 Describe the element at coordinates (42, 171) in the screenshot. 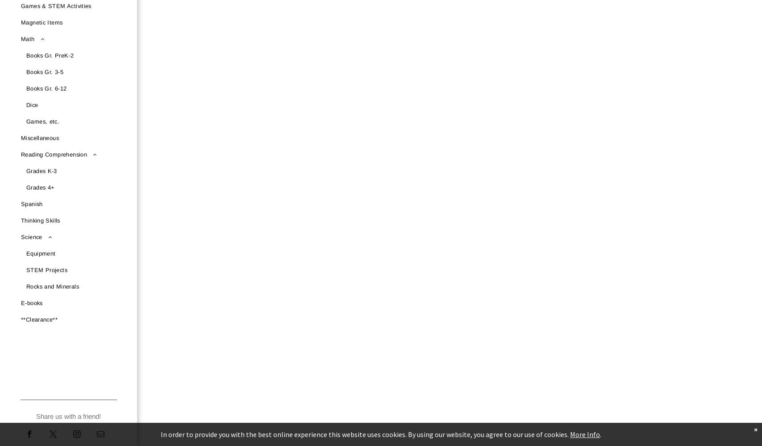

I see `'Grades K-3'` at that location.